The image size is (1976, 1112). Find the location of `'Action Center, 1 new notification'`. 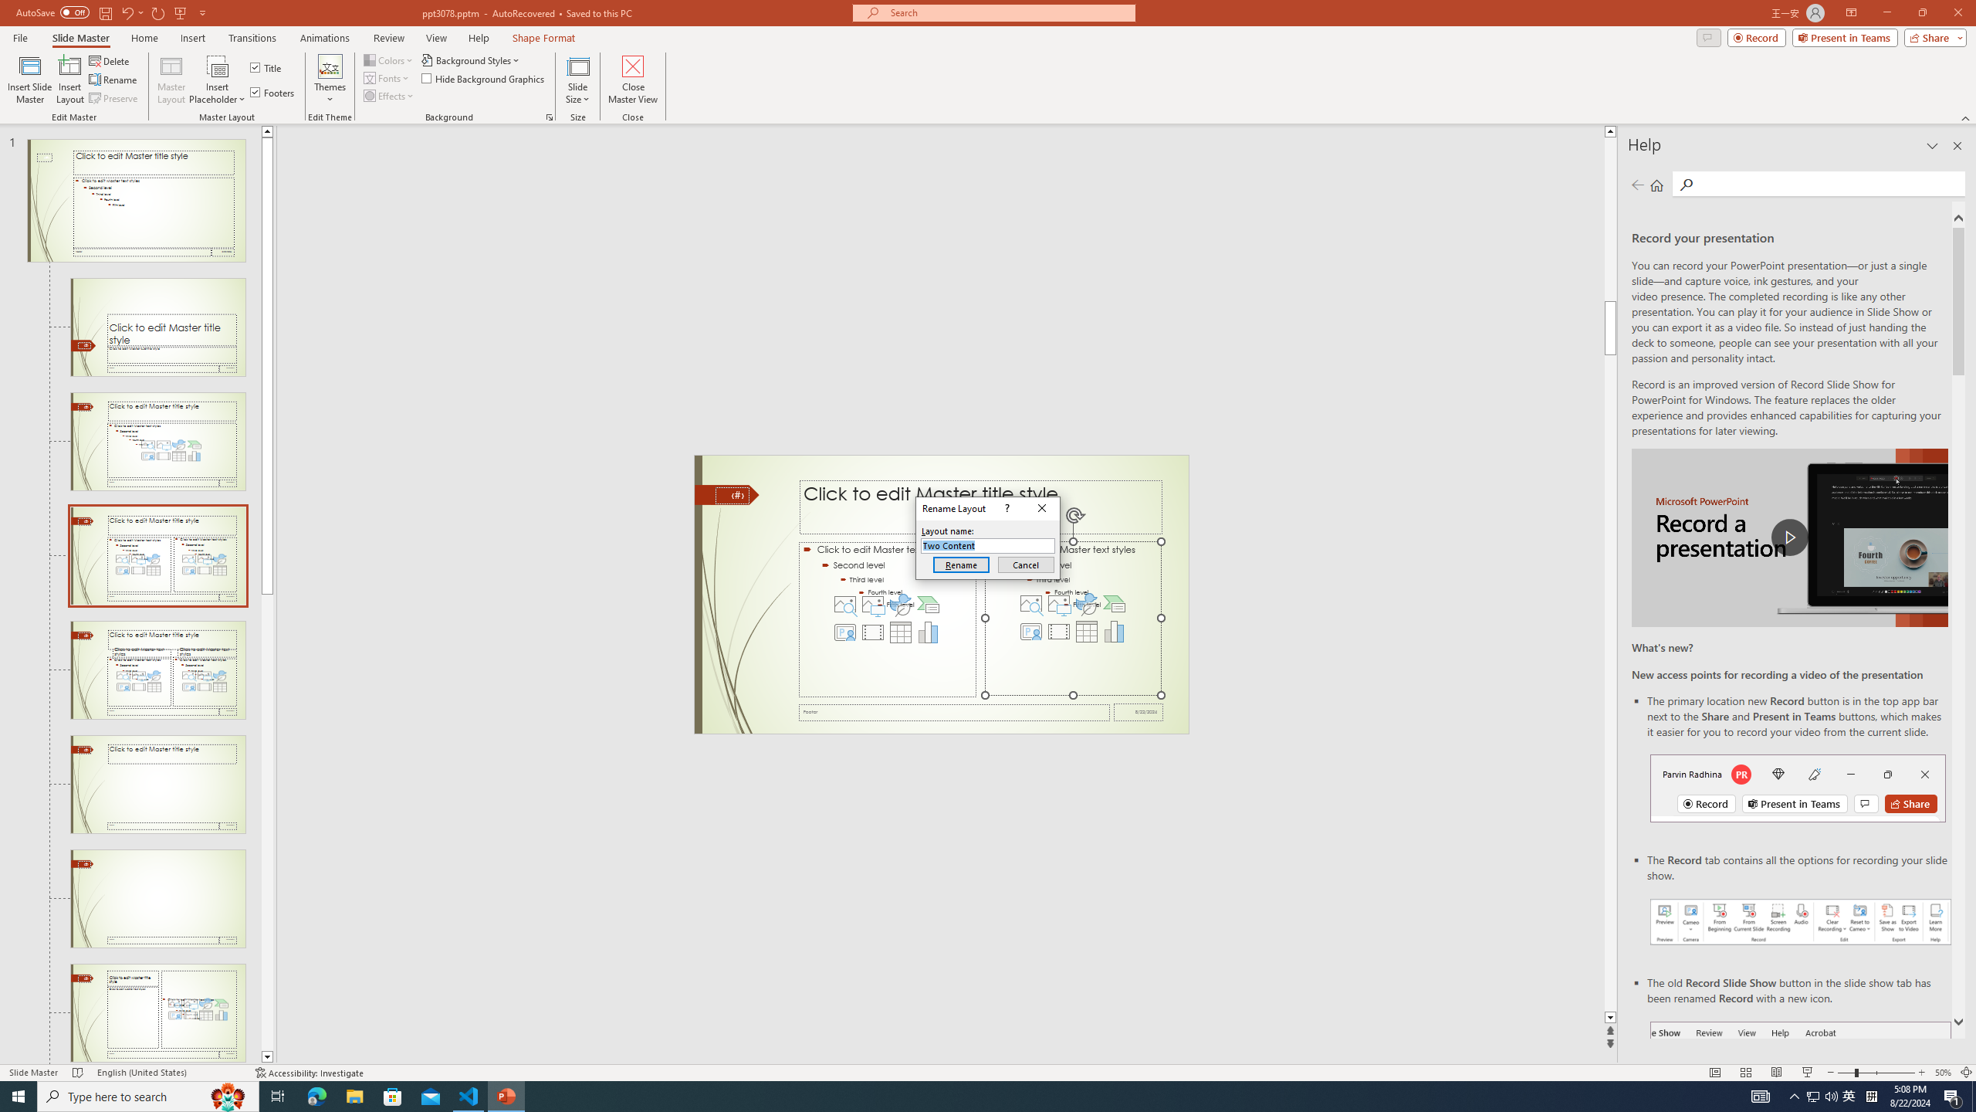

'Action Center, 1 new notification' is located at coordinates (1953, 1095).